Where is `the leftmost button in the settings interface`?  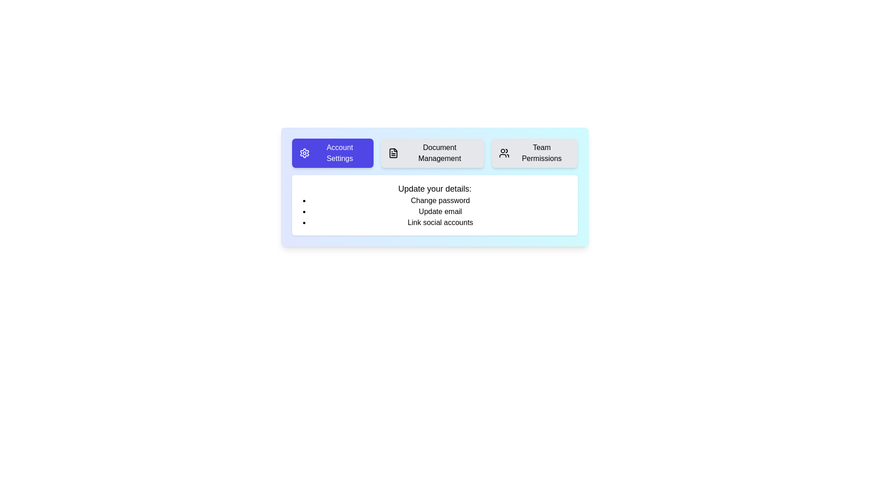
the leftmost button in the settings interface is located at coordinates (332, 153).